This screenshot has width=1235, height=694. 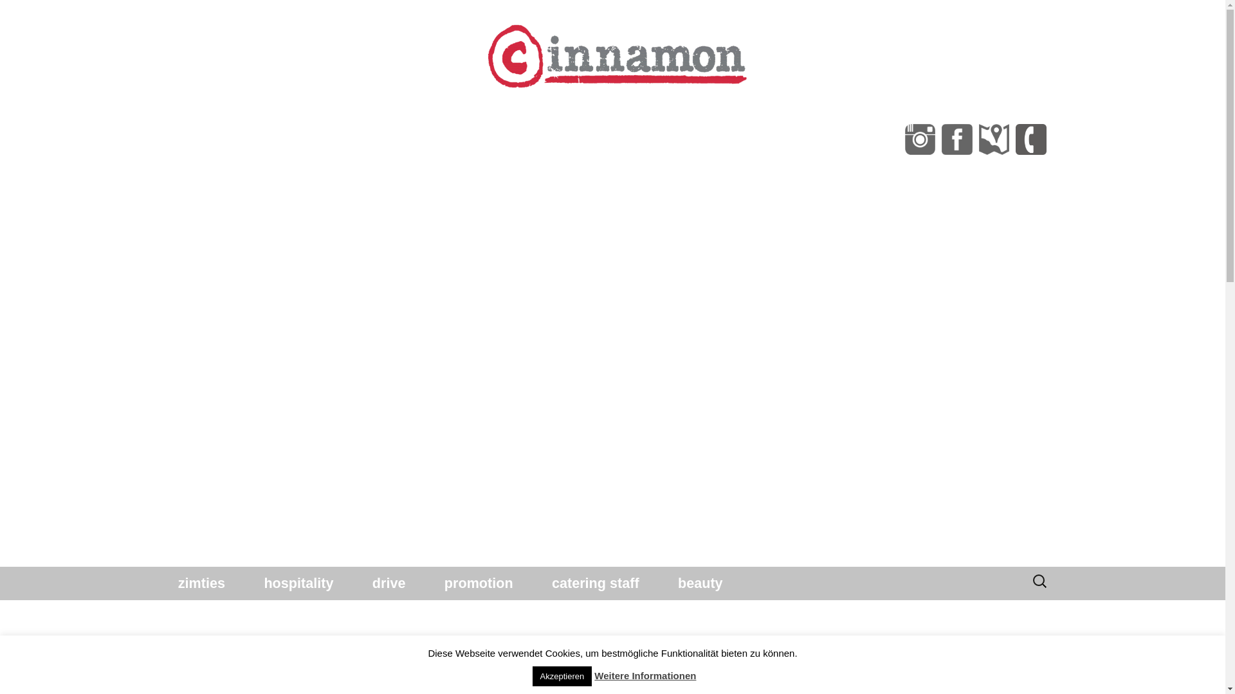 What do you see at coordinates (201, 583) in the screenshot?
I see `'zimties'` at bounding box center [201, 583].